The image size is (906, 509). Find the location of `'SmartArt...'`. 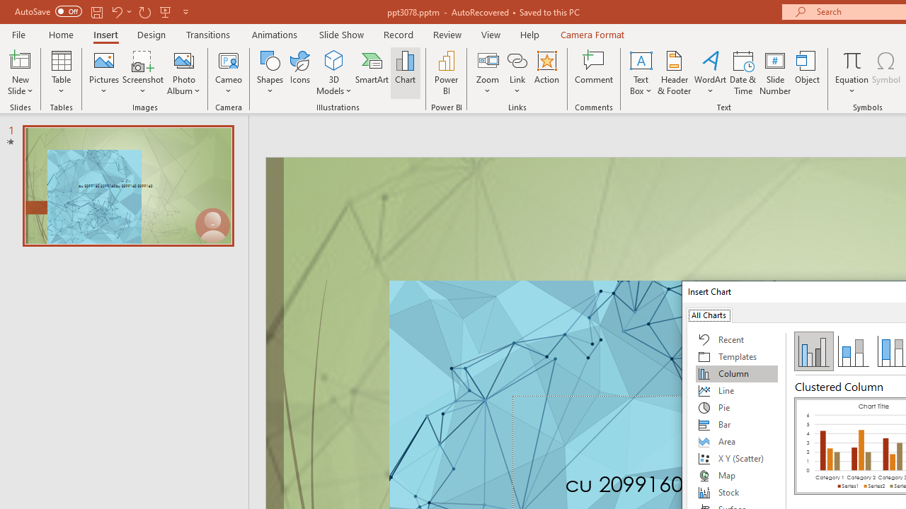

'SmartArt...' is located at coordinates (372, 73).